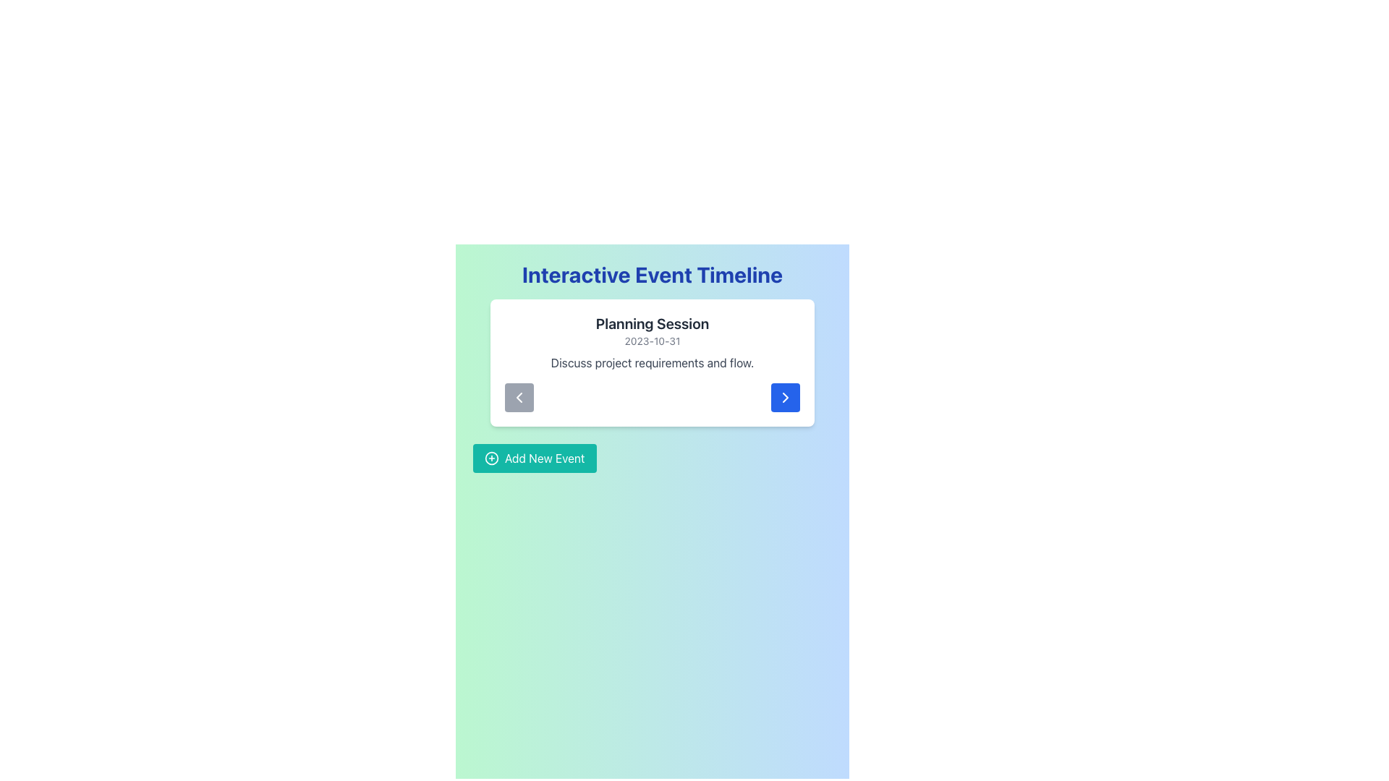 This screenshot has height=781, width=1389. Describe the element at coordinates (519, 398) in the screenshot. I see `the left-pointing chevron SVG icon embedded within the interactive button on the event card` at that location.